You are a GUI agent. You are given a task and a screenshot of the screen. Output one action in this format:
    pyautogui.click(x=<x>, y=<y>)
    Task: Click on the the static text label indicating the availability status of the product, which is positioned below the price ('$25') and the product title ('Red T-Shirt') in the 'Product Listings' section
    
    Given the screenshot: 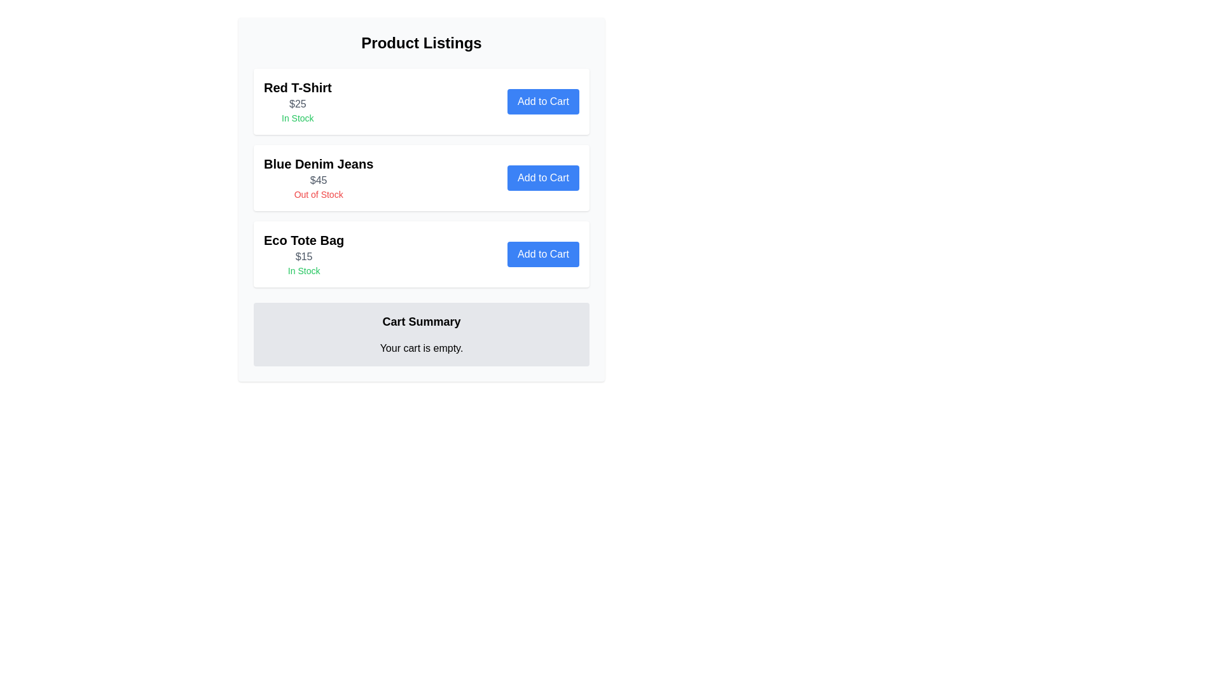 What is the action you would take?
    pyautogui.click(x=297, y=118)
    